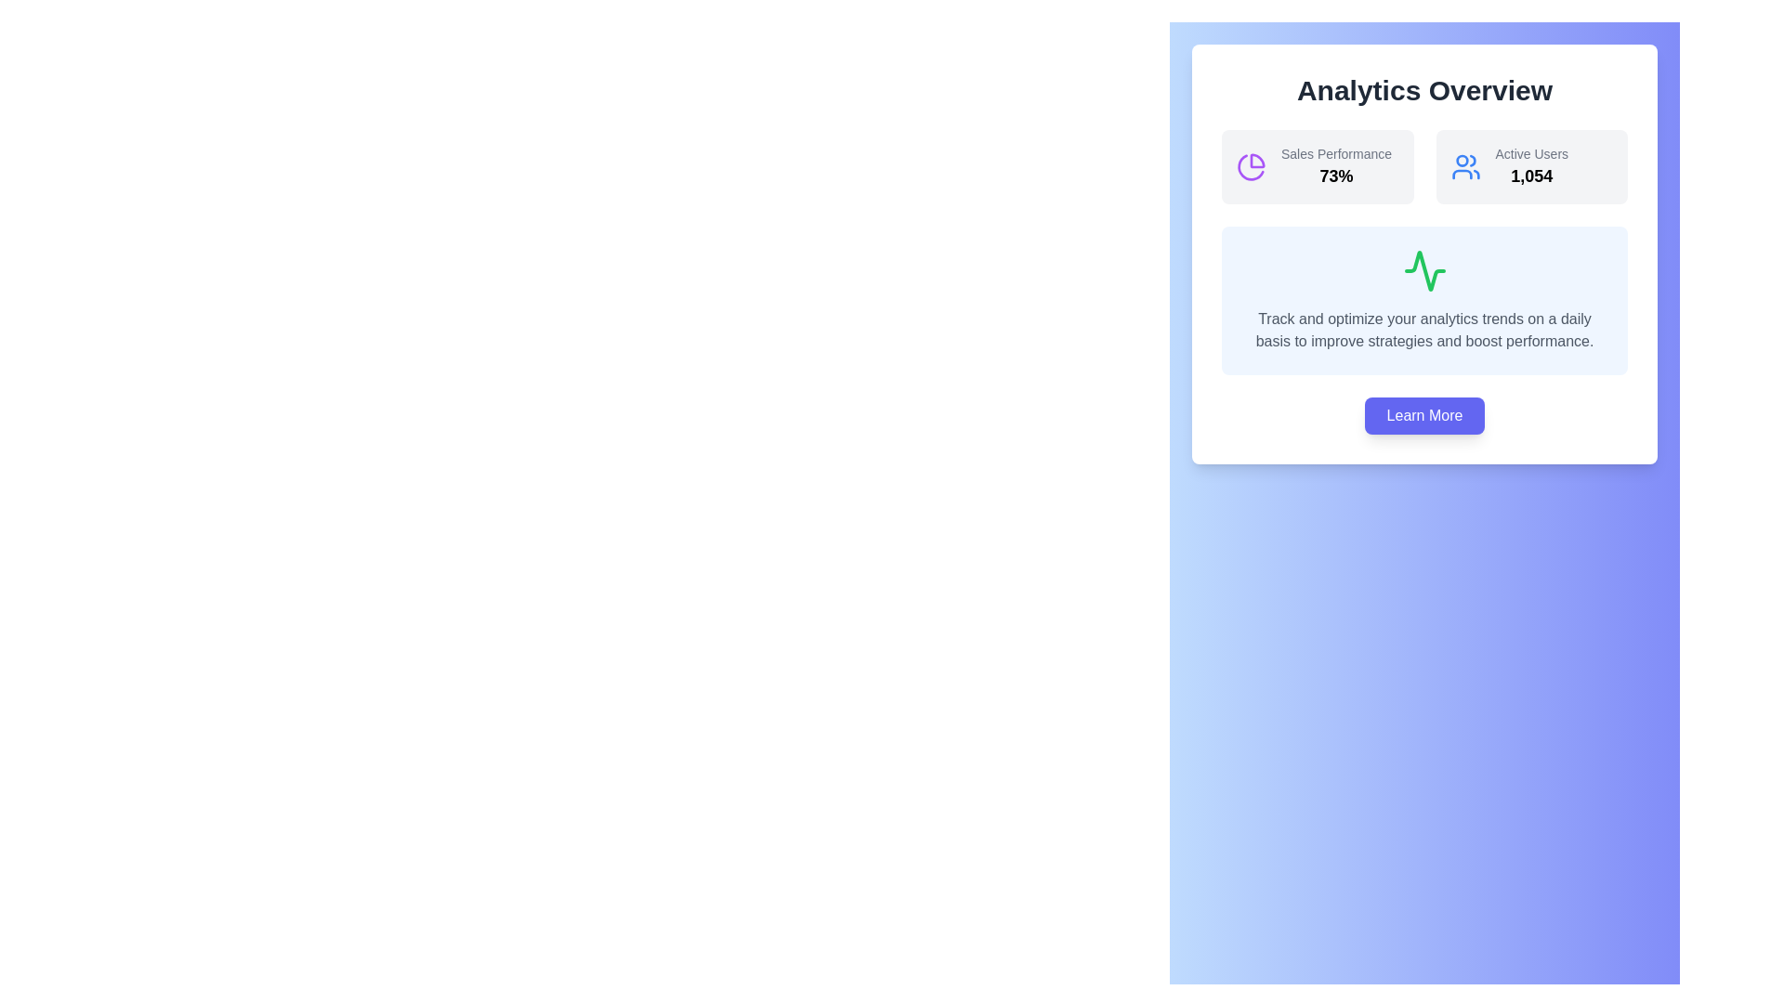 The image size is (1784, 1003). Describe the element at coordinates (1423, 271) in the screenshot. I see `the green zigzag waveform icon located centrally within the card, which is above descriptive text and below performance metrics indicators` at that location.